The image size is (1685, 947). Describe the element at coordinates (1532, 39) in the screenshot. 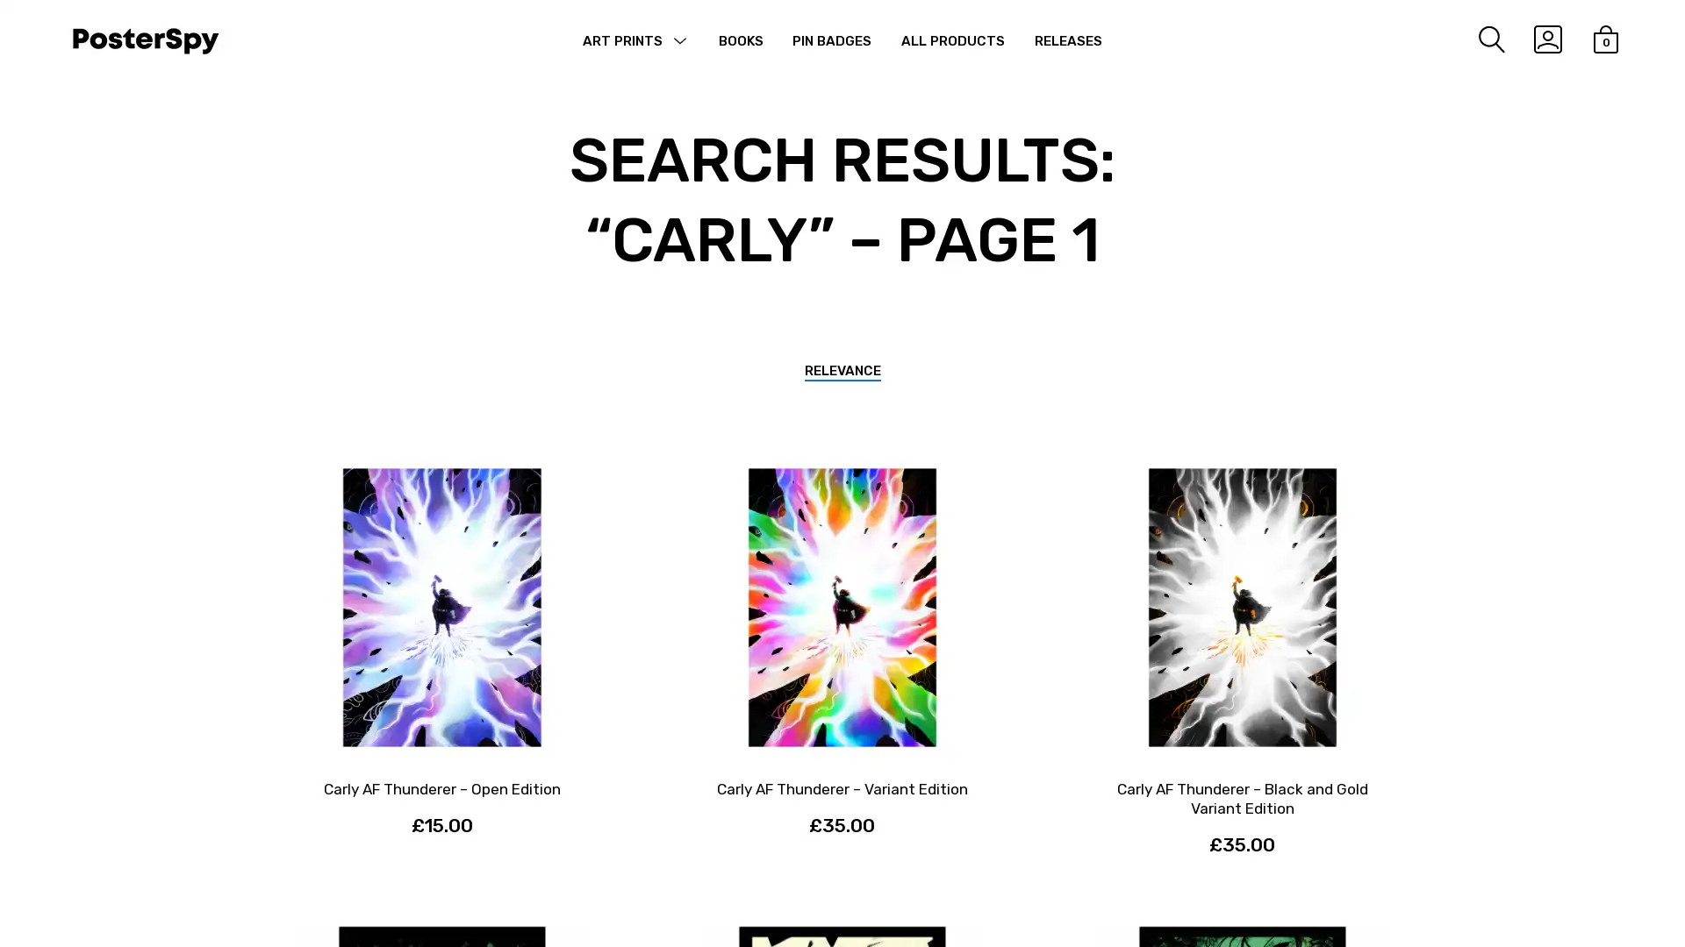

I see `GO TO MY ACCOUNT` at that location.